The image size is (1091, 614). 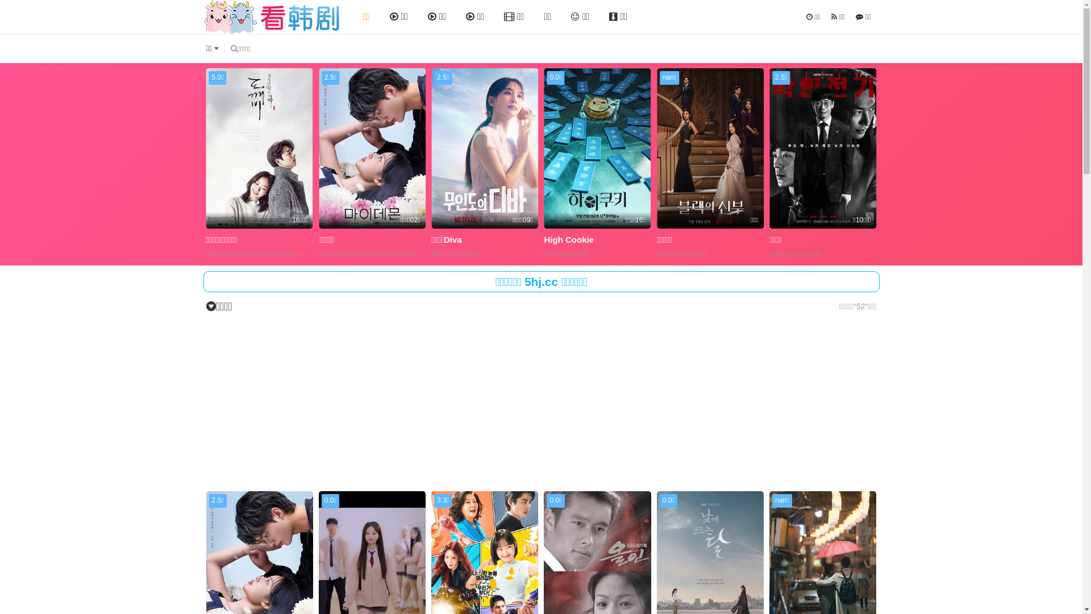 What do you see at coordinates (541, 403) in the screenshot?
I see `'Advertisement'` at bounding box center [541, 403].